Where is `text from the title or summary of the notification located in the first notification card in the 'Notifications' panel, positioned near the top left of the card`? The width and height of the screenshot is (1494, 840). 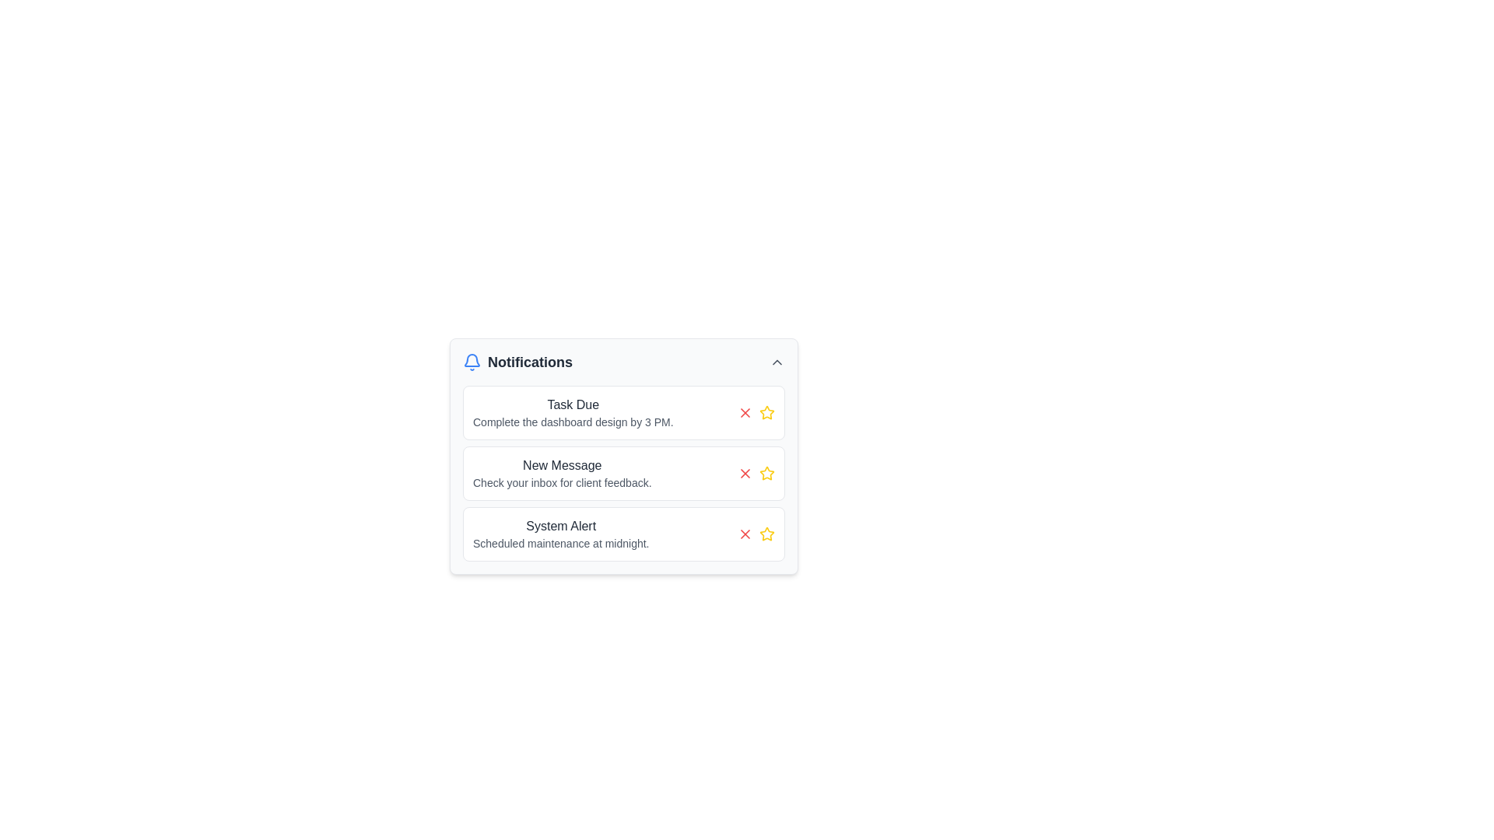
text from the title or summary of the notification located in the first notification card in the 'Notifications' panel, positioned near the top left of the card is located at coordinates (572, 404).